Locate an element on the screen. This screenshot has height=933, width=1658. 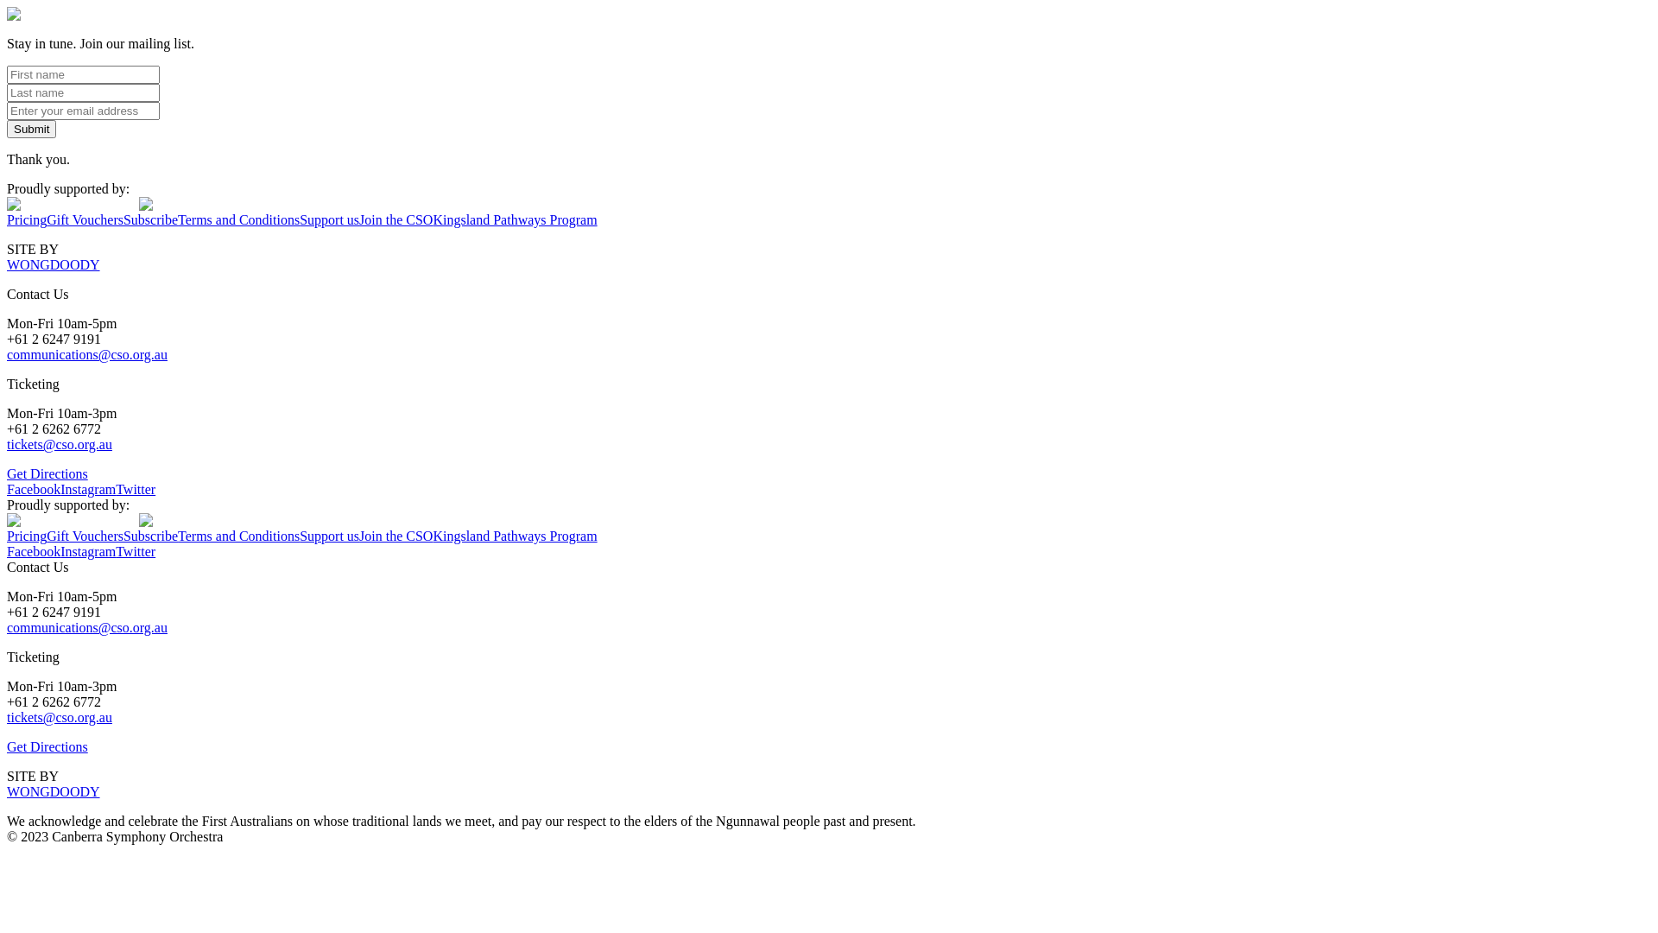
'Get Directions' is located at coordinates (47, 473).